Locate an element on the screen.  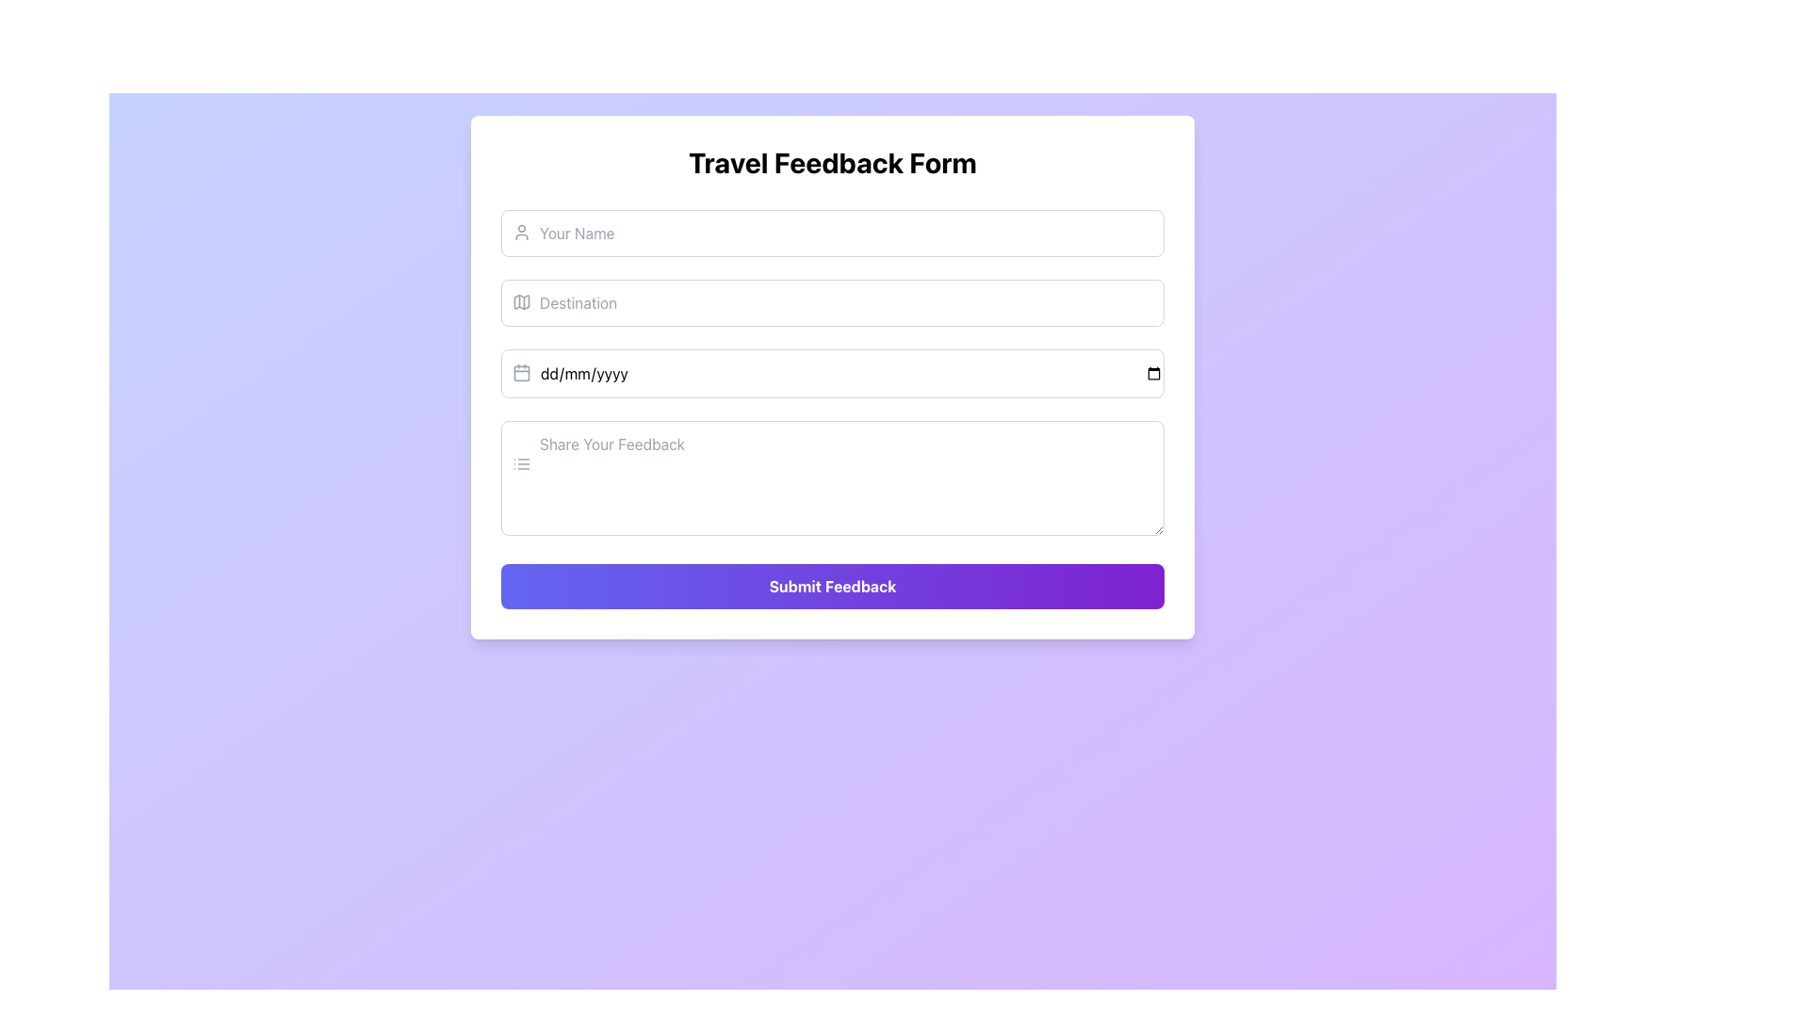
the calendar icon located within the 'Date' input field of the 'Travel Feedback Form', positioned to the left of the text placeholder 'dd/mm/yyyy' is located at coordinates (521, 371).